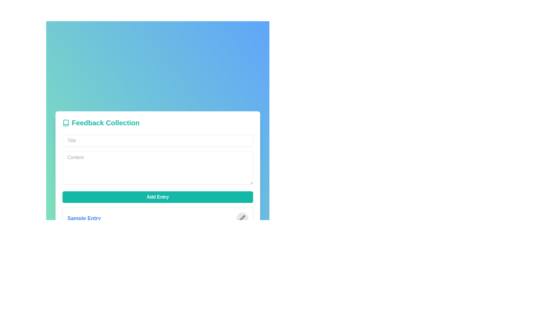 This screenshot has width=558, height=314. I want to click on the pen tool icon, which has a thin gray outline and is located in the bottom-right corner of the form interface, so click(242, 218).